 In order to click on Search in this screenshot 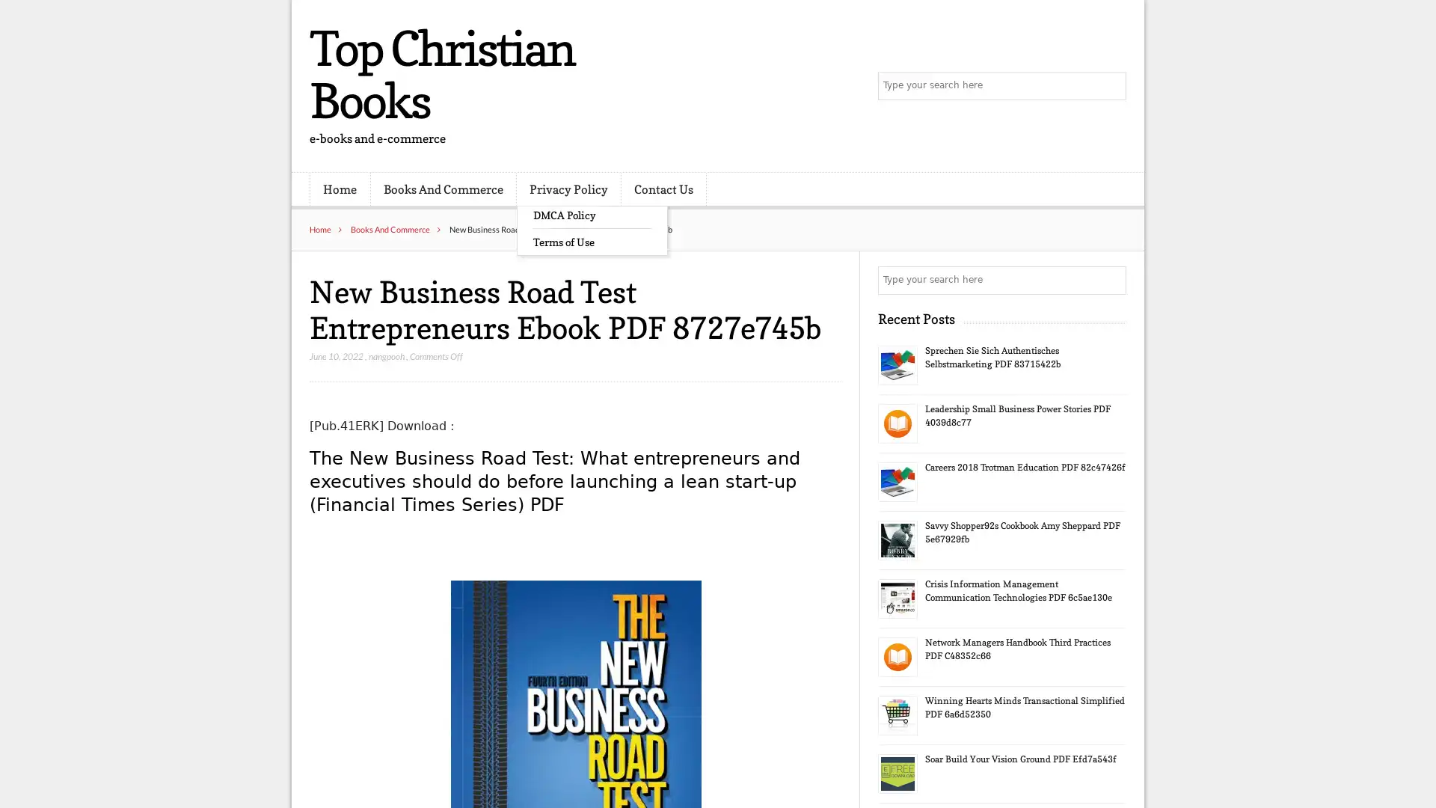, I will do `click(1111, 280)`.